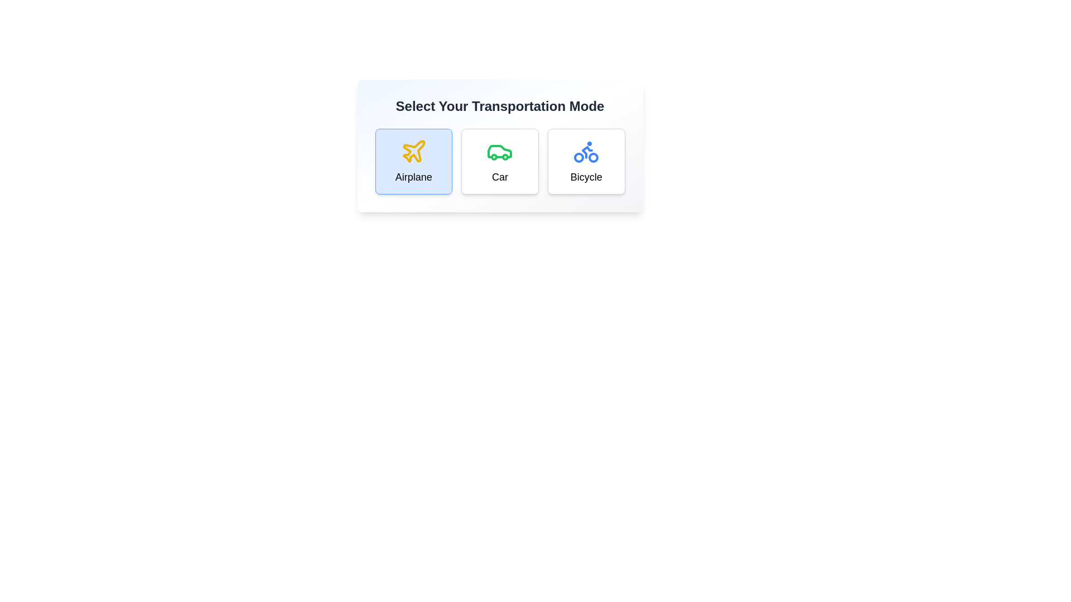 This screenshot has width=1071, height=602. I want to click on text label displaying 'Car' that is bold and located under the green car icon in the center card of a group of three horizontally aligned cards, so click(499, 176).